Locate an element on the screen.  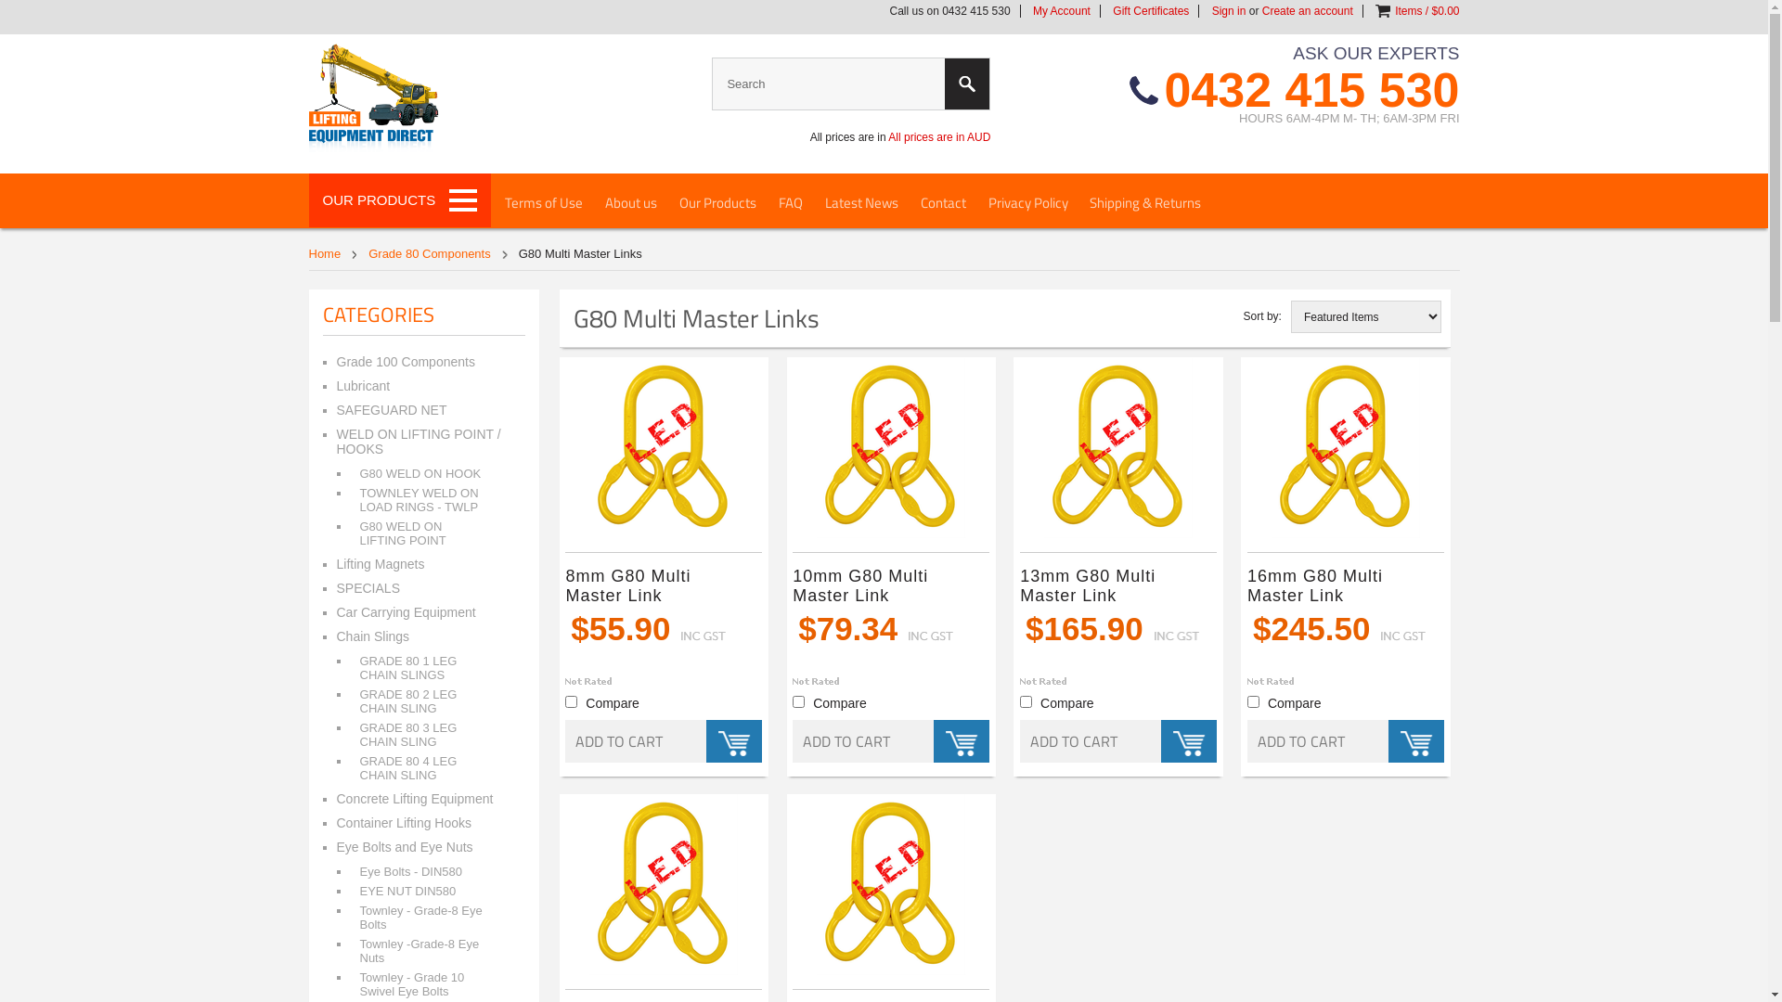
'GRADE 80 4 LEG CHAIN SLING' is located at coordinates (423, 768).